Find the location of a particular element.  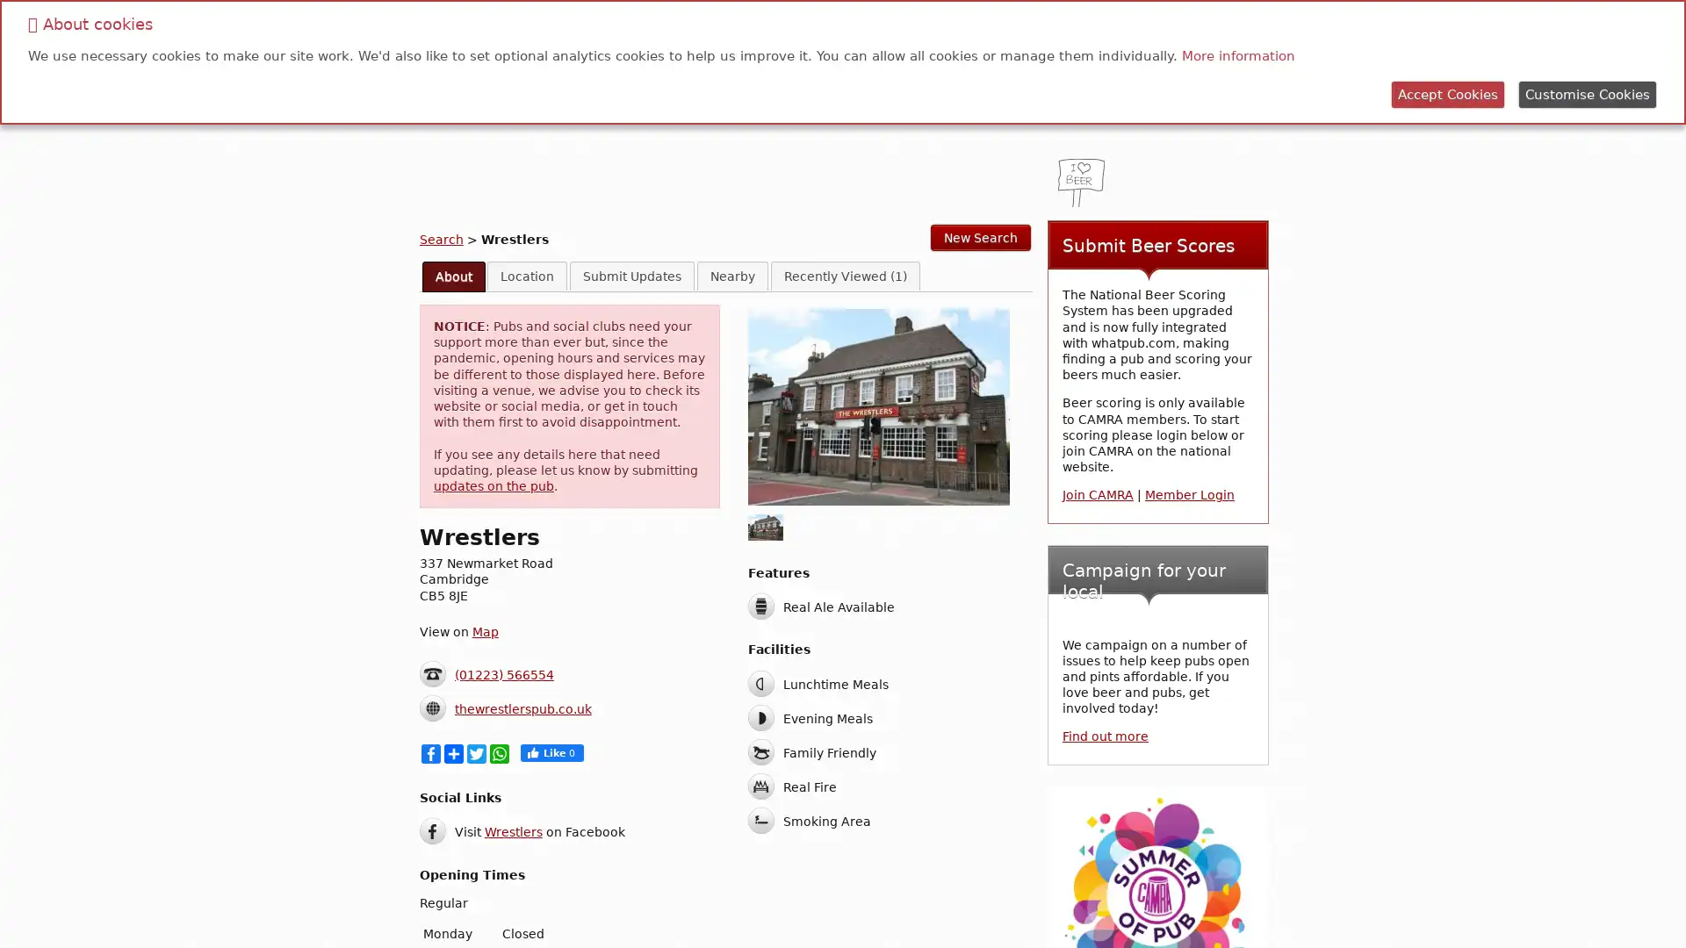

Accept Cookies is located at coordinates (1448, 94).